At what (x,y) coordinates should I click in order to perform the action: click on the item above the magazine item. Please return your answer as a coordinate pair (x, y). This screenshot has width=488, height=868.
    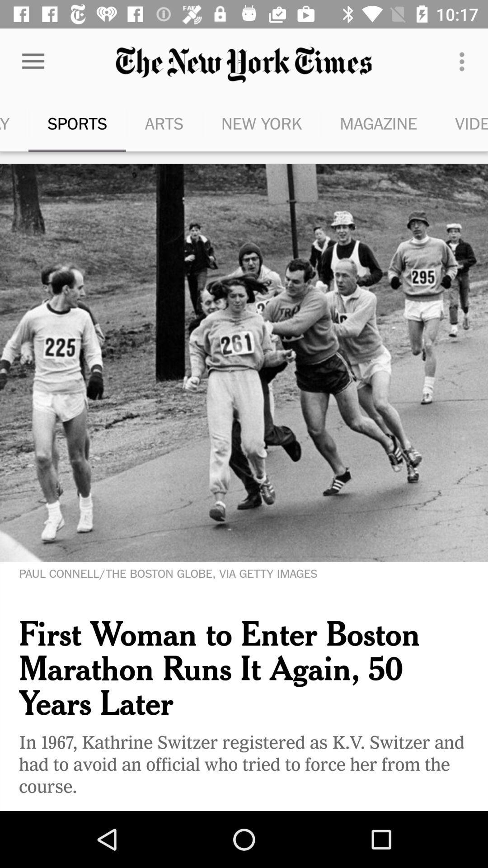
    Looking at the image, I should click on (464, 61).